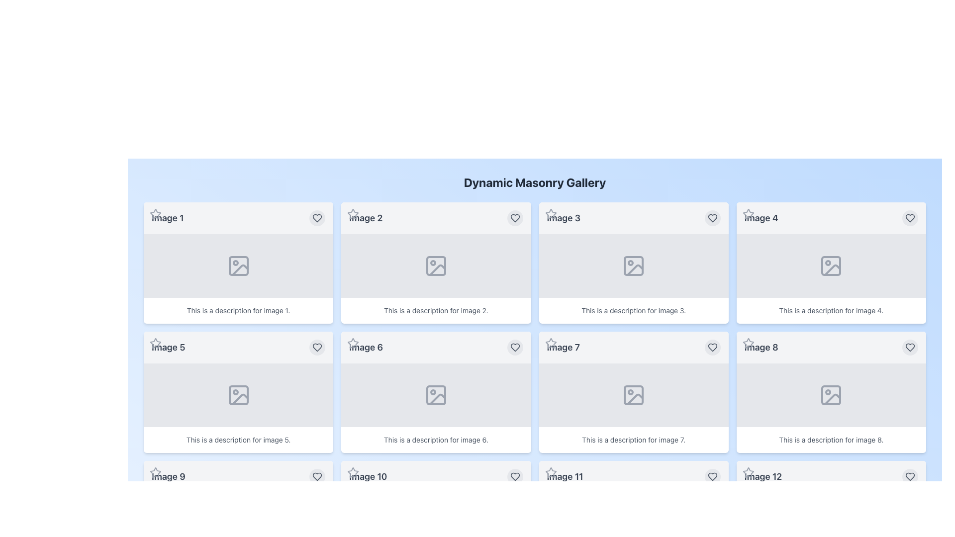 This screenshot has height=537, width=955. What do you see at coordinates (910, 347) in the screenshot?
I see `the heart-shaped 'like' icon located` at bounding box center [910, 347].